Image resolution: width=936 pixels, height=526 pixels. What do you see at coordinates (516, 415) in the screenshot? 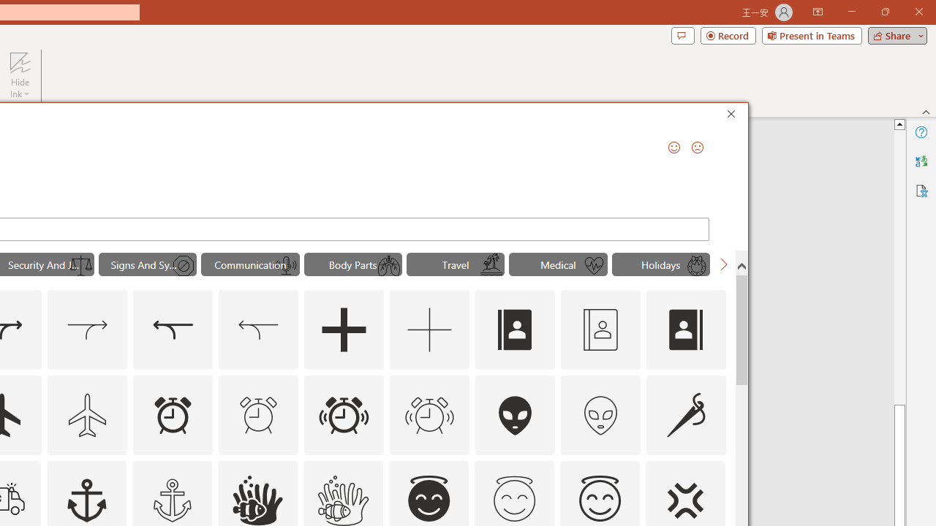
I see `'AutomationID: Icons_AlienFace'` at bounding box center [516, 415].